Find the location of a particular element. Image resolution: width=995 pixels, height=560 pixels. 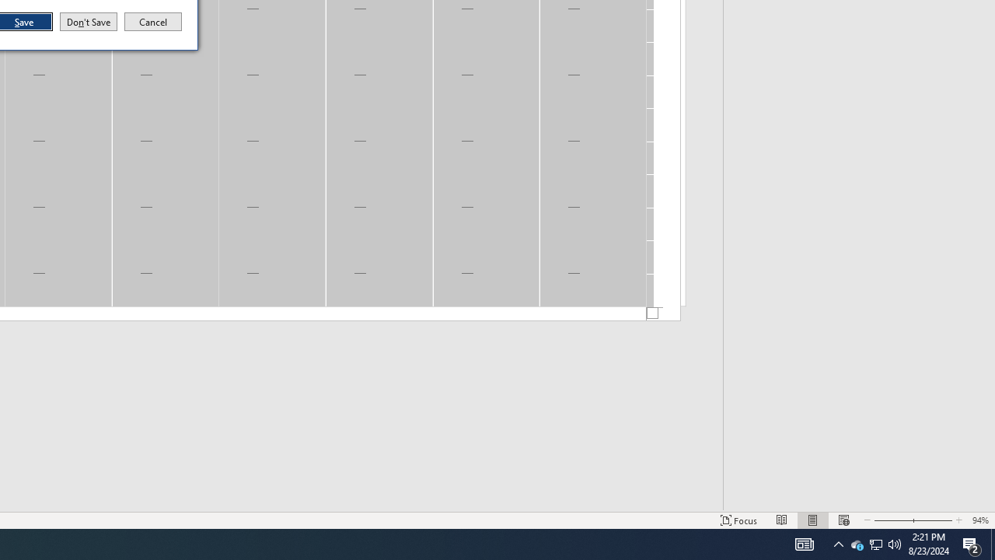

'Zoom Out' is located at coordinates (892, 520).